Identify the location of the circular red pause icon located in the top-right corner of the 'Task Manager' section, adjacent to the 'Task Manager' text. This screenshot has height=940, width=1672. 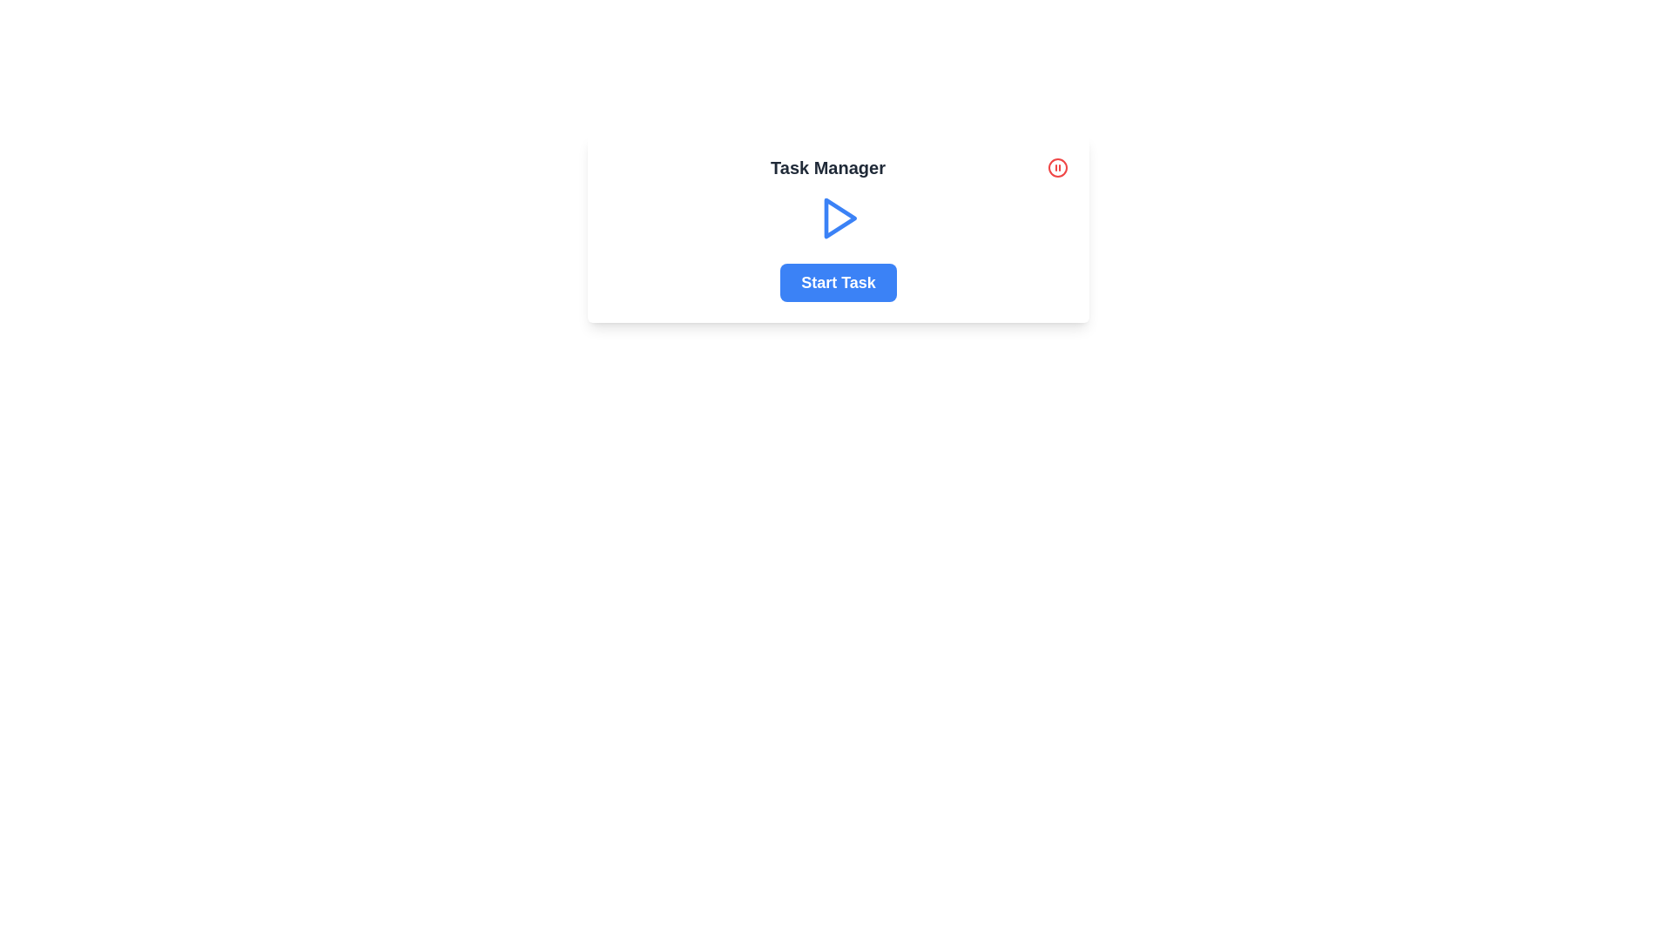
(1056, 167).